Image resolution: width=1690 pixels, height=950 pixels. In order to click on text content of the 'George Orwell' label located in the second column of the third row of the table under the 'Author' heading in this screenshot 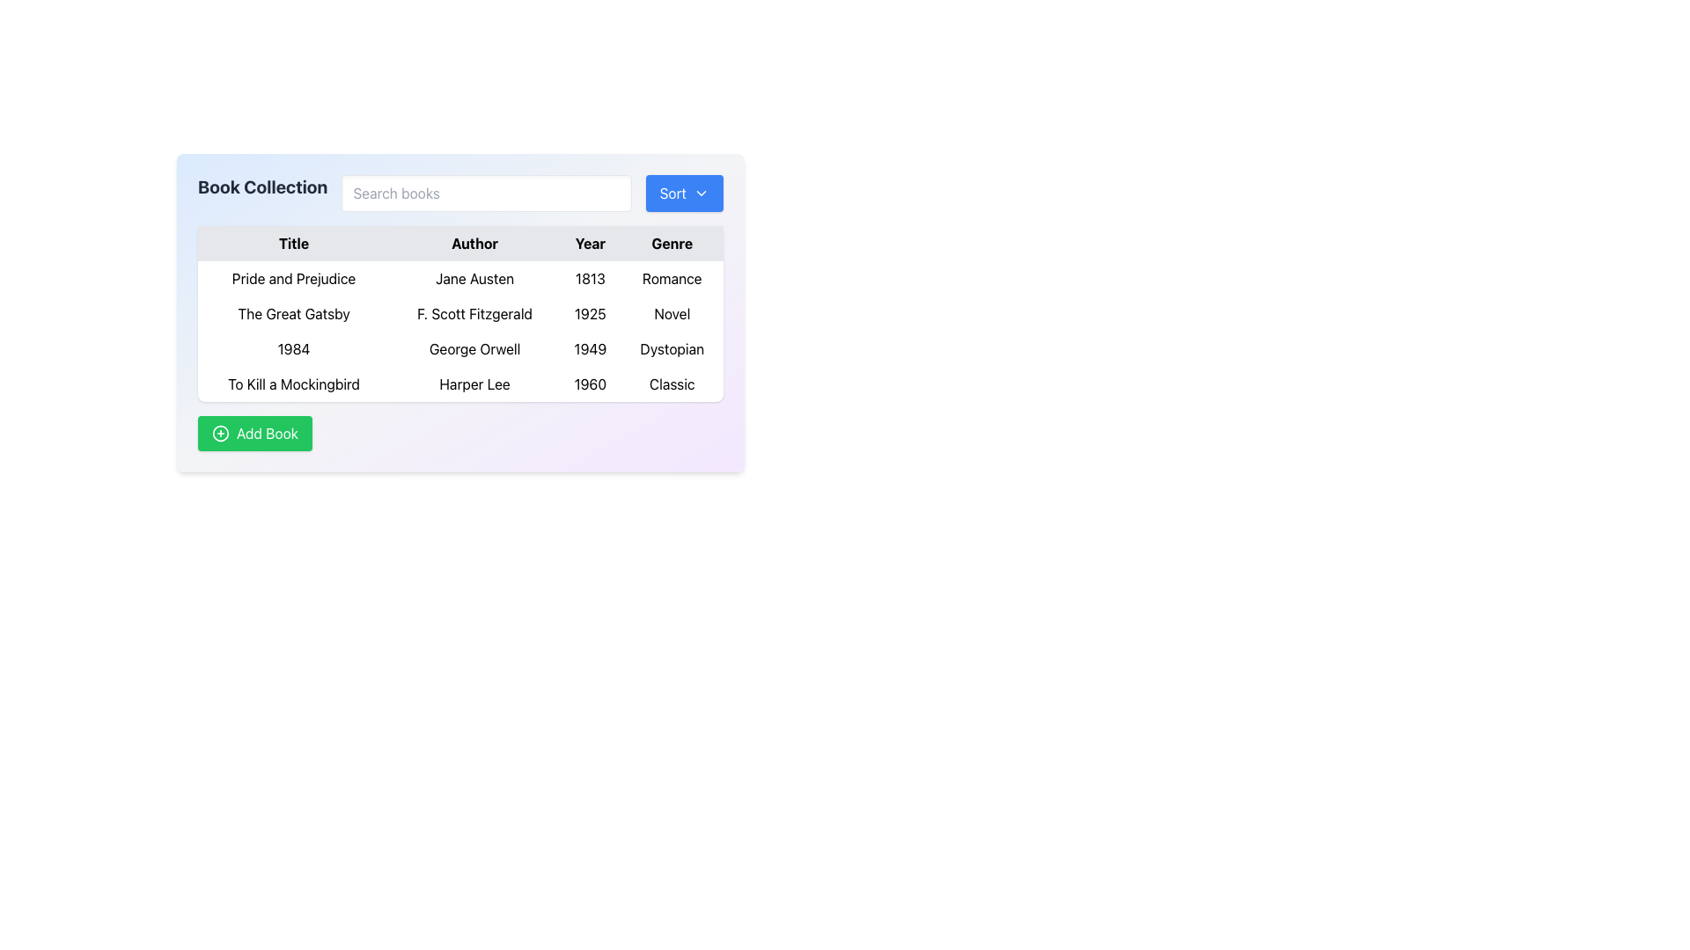, I will do `click(474, 349)`.